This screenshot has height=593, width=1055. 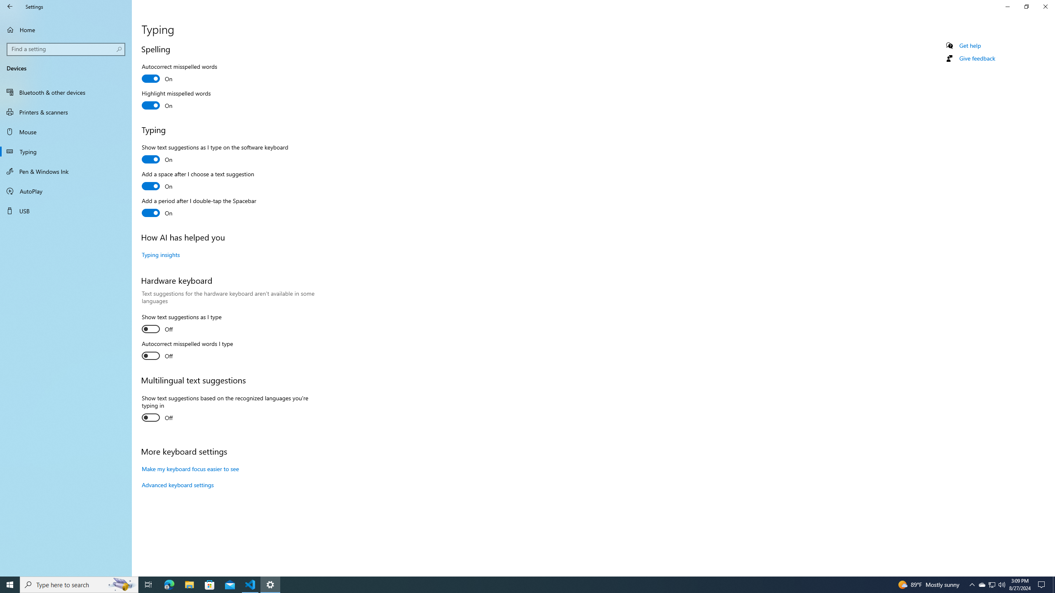 I want to click on 'AutoPlay', so click(x=66, y=191).